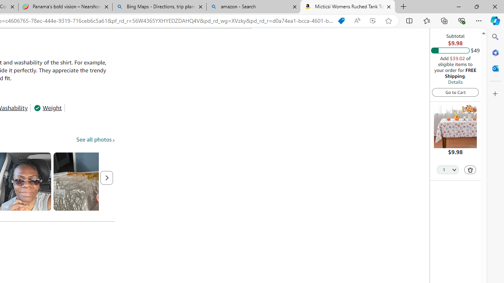  I want to click on 'Enhance video', so click(372, 20).